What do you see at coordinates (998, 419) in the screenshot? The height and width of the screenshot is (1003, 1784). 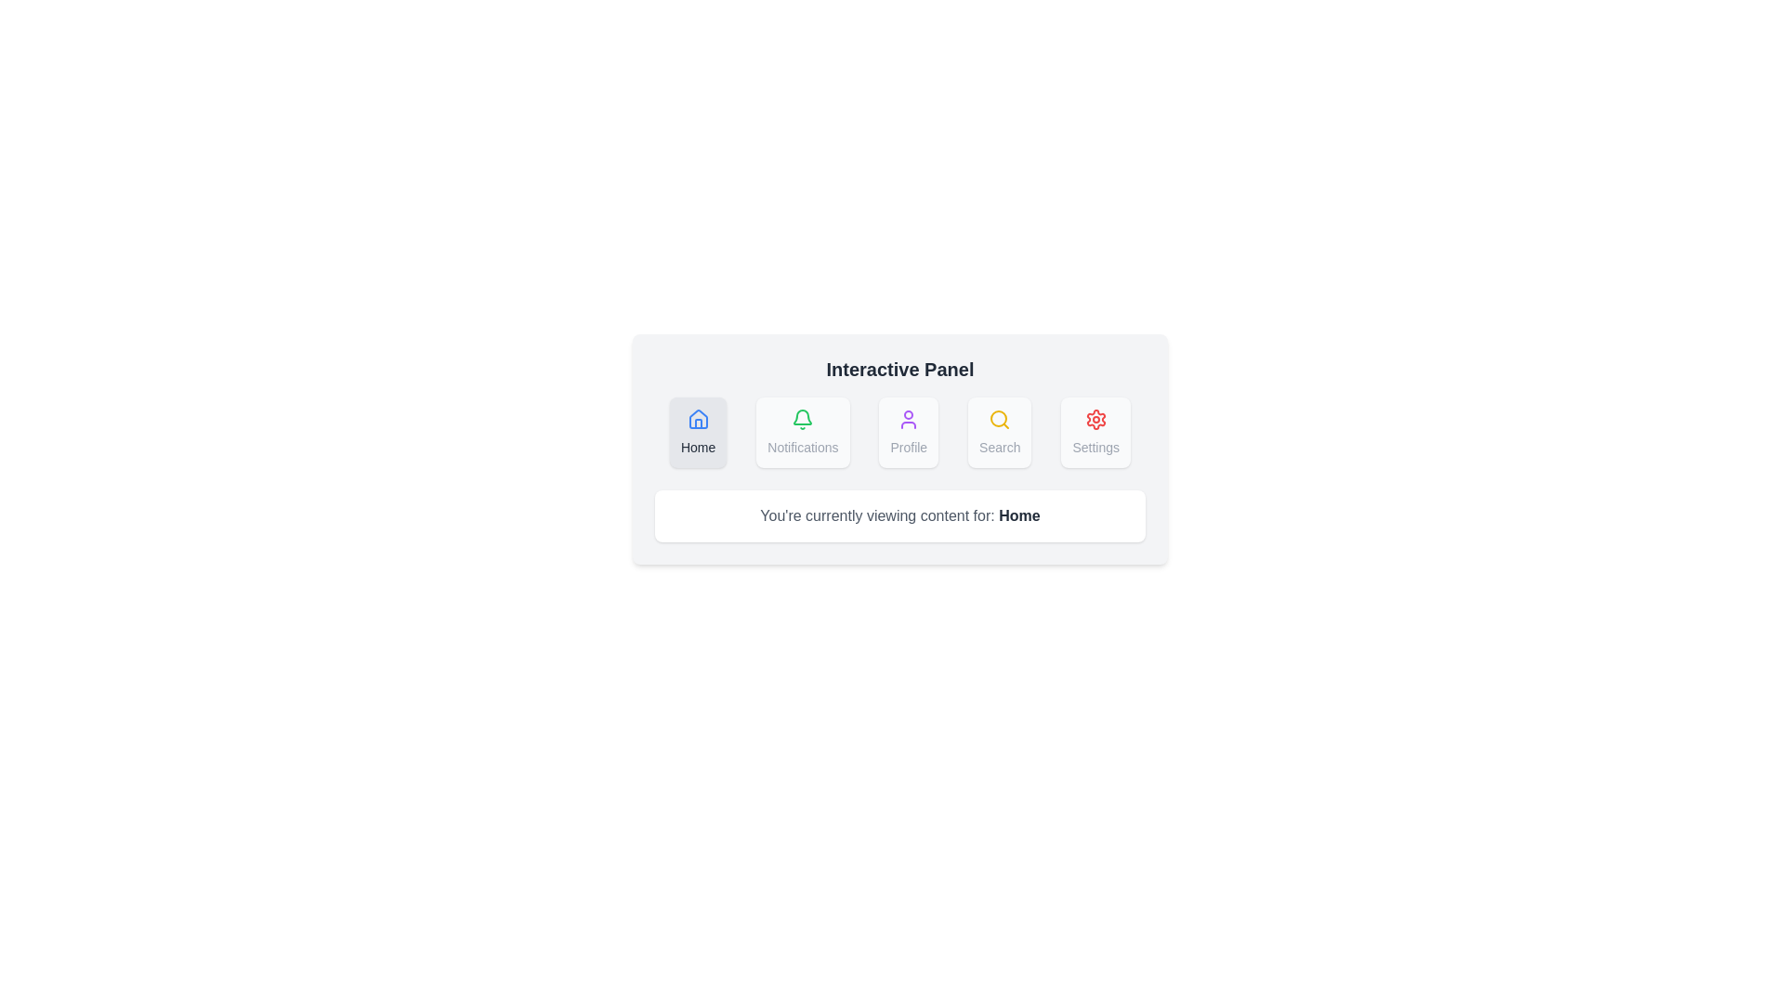 I see `the central circular part of the magnifying glass icon representing the search functionality, located in the horizontal toolbar` at bounding box center [998, 419].